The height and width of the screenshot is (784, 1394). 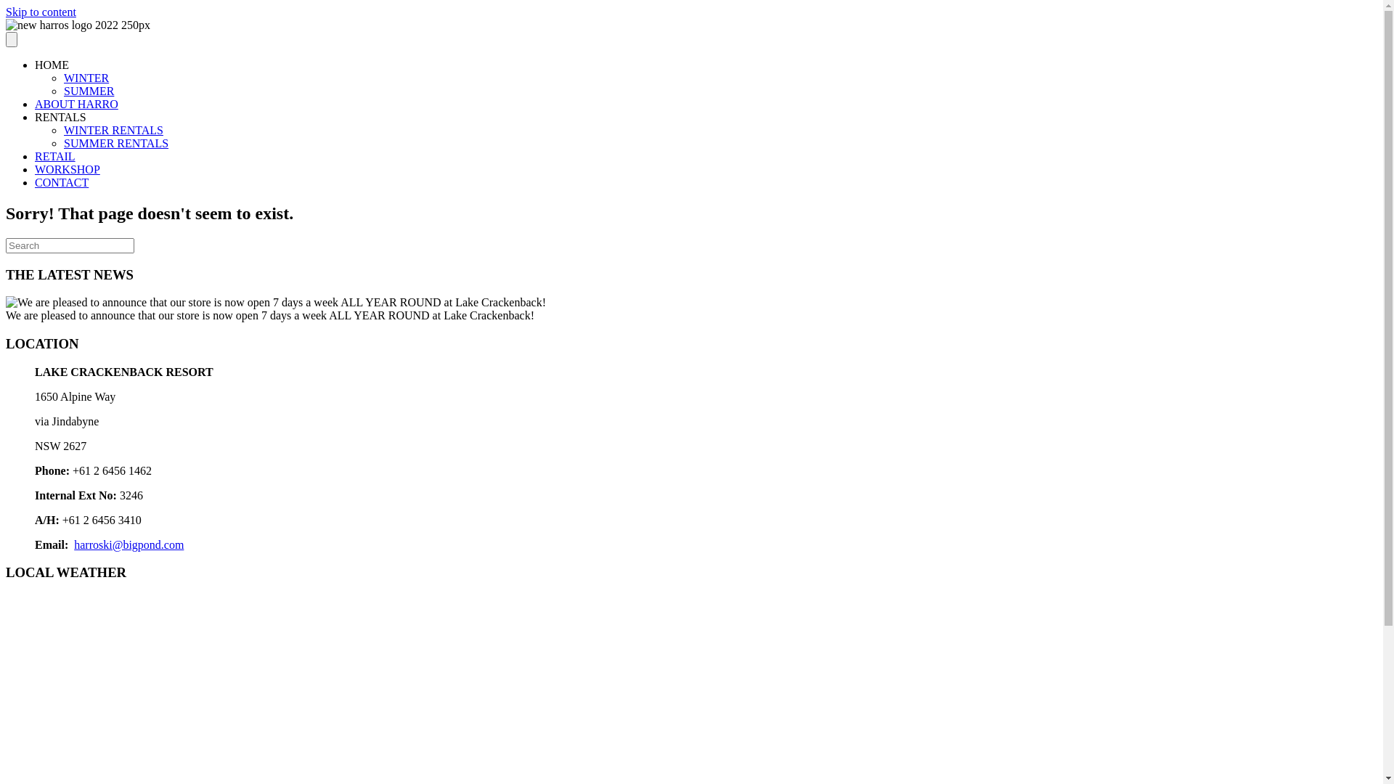 I want to click on 'Skip to content', so click(x=6, y=12).